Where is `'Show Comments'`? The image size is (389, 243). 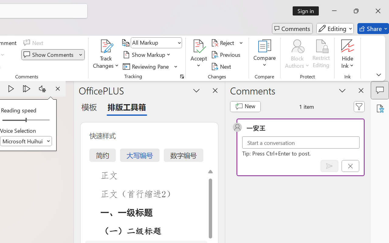
'Show Comments' is located at coordinates (53, 54).